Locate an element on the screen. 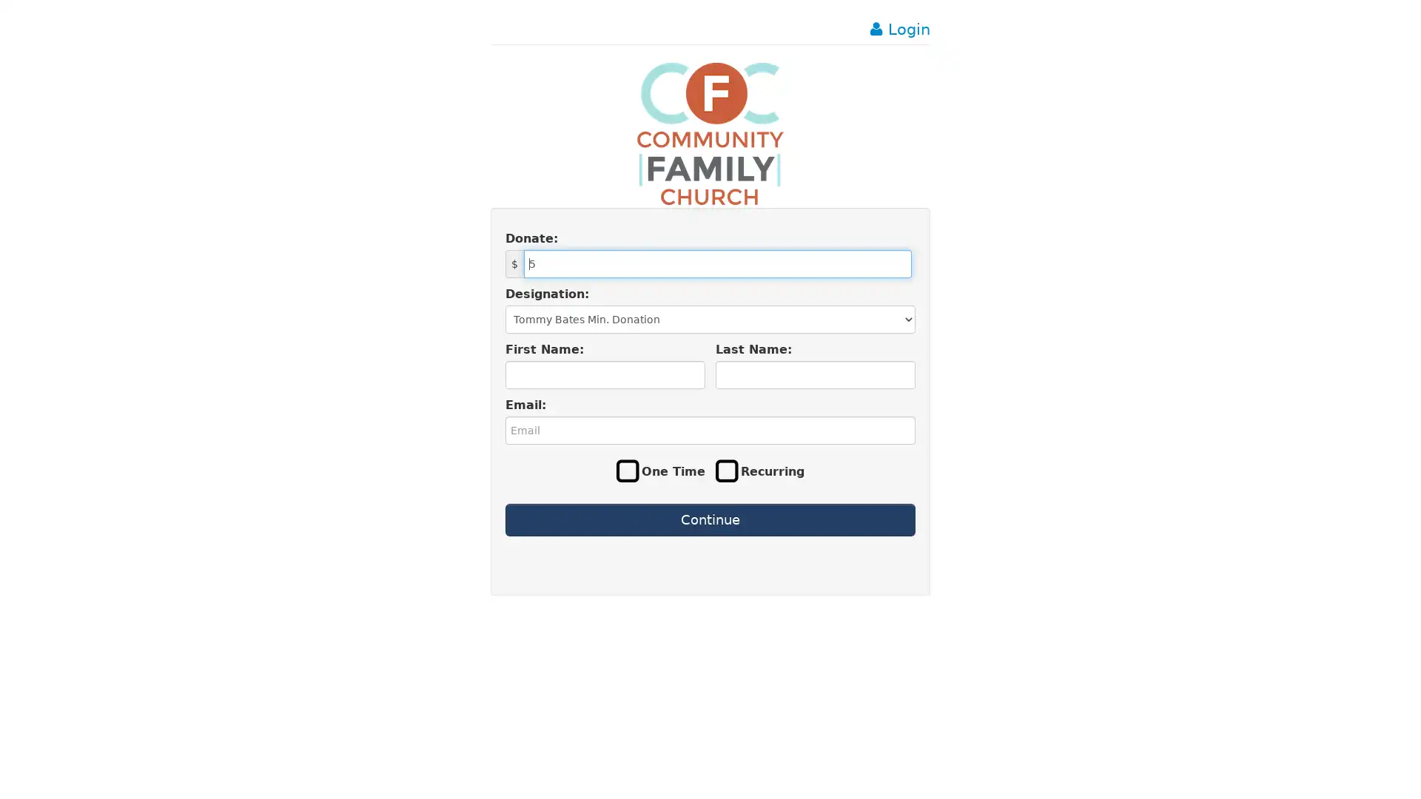 The height and width of the screenshot is (799, 1421). Continue is located at coordinates (709, 519).